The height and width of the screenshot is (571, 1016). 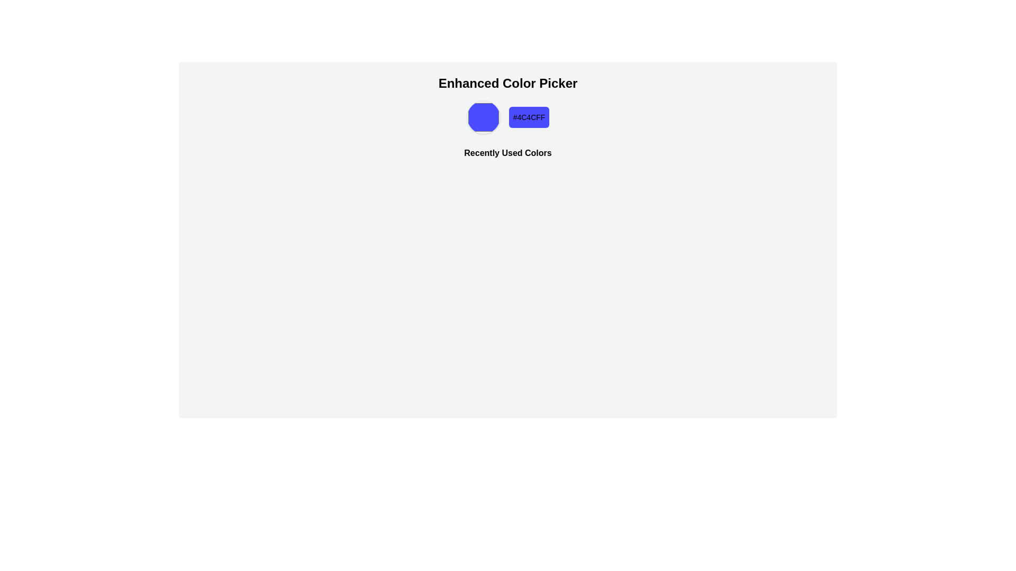 I want to click on the label that reads 'Recently Used Colors', which is bold and black on a light gray background, centrally positioned below a color display and color code field, so click(x=508, y=155).